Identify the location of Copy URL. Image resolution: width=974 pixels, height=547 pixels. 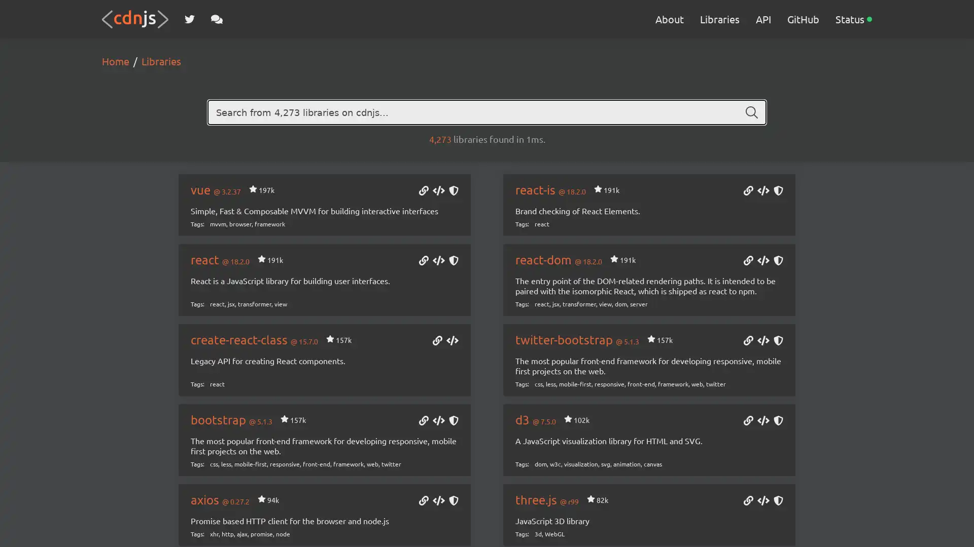
(423, 501).